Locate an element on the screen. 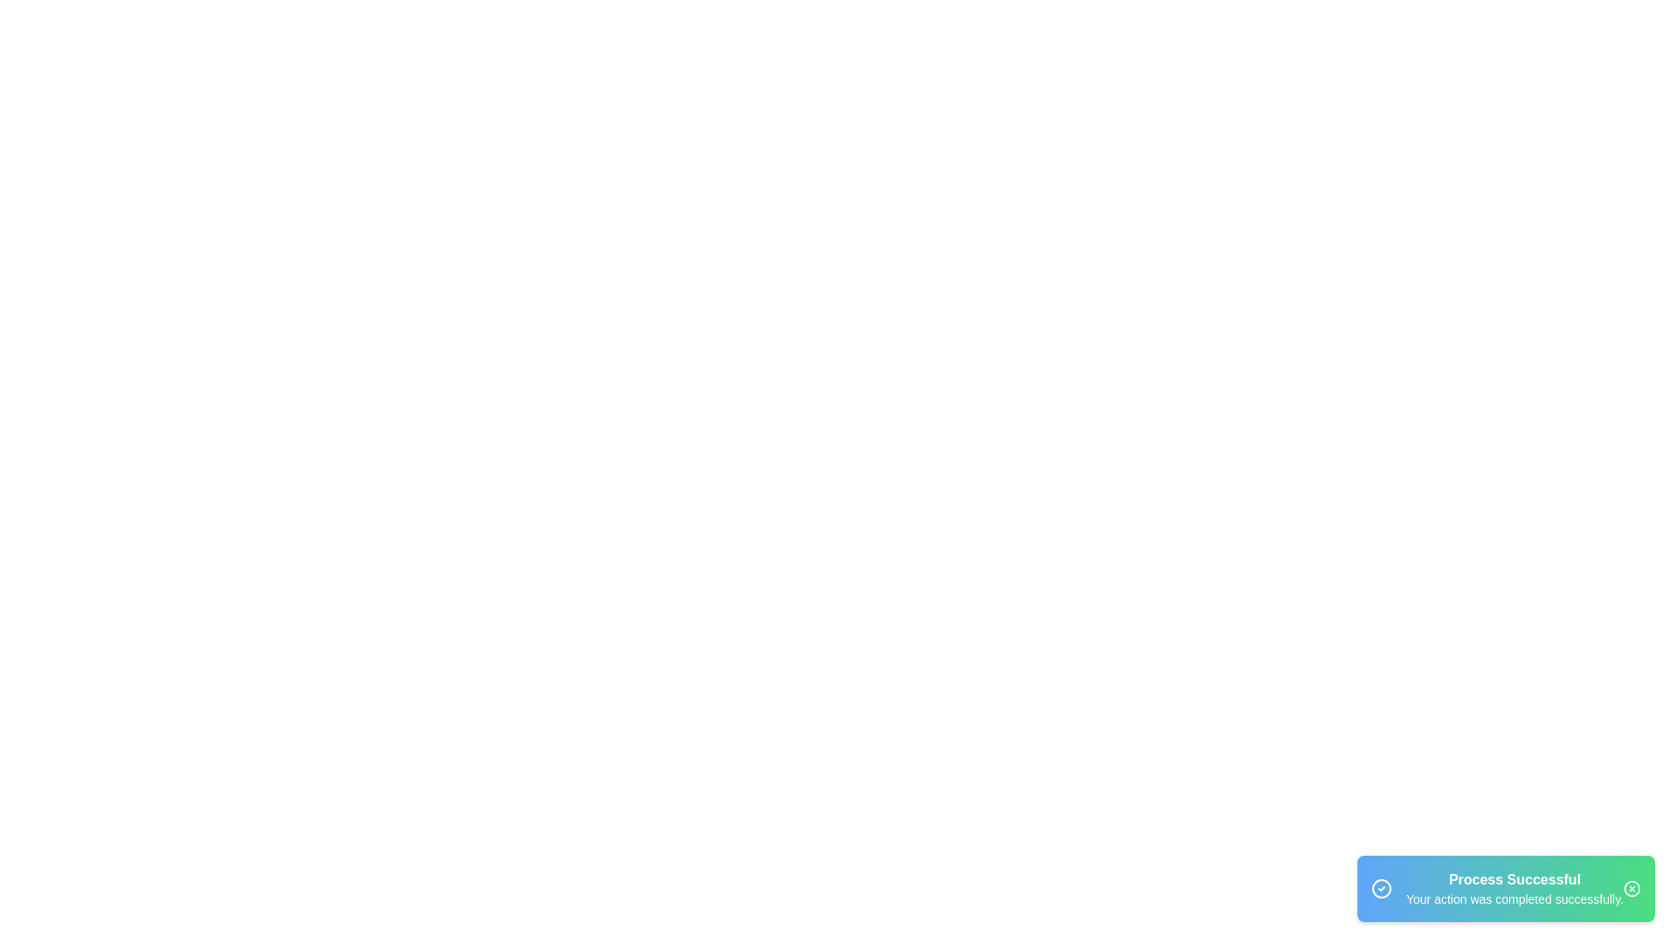  the snackbar to visually inspect its contents is located at coordinates (1504, 889).